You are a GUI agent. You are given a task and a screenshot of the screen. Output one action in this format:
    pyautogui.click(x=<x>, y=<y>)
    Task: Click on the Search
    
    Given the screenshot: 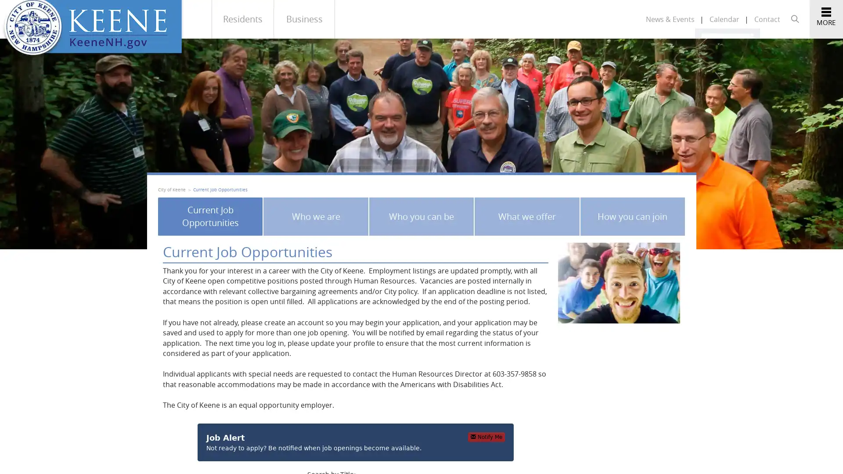 What is the action you would take?
    pyautogui.click(x=746, y=44)
    